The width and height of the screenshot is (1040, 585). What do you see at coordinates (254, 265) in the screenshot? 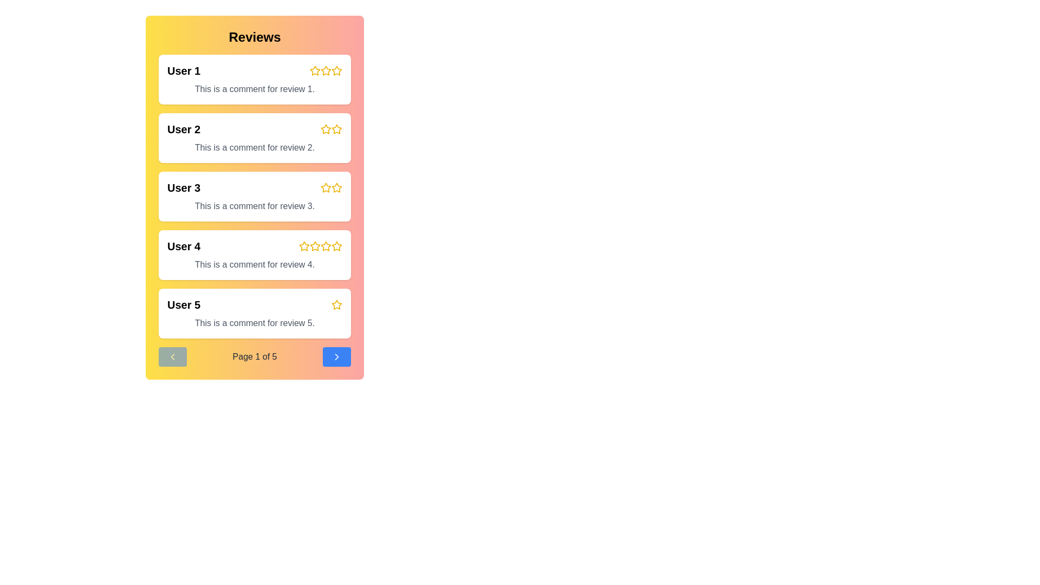
I see `the text label displaying the comment content for the fourth review associated with User 4, located below the 'User 4' label and above the star icons` at bounding box center [254, 265].